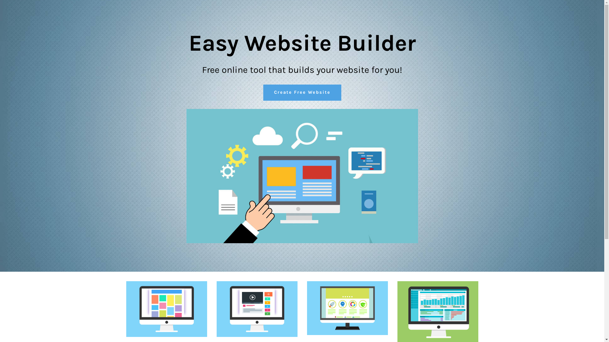  I want to click on 'Create Free Website', so click(302, 92).